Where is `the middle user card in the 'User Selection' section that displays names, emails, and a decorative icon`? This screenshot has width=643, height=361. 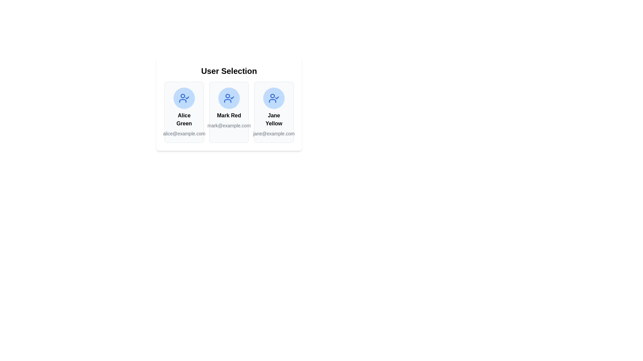 the middle user card in the 'User Selection' section that displays names, emails, and a decorative icon is located at coordinates (229, 104).